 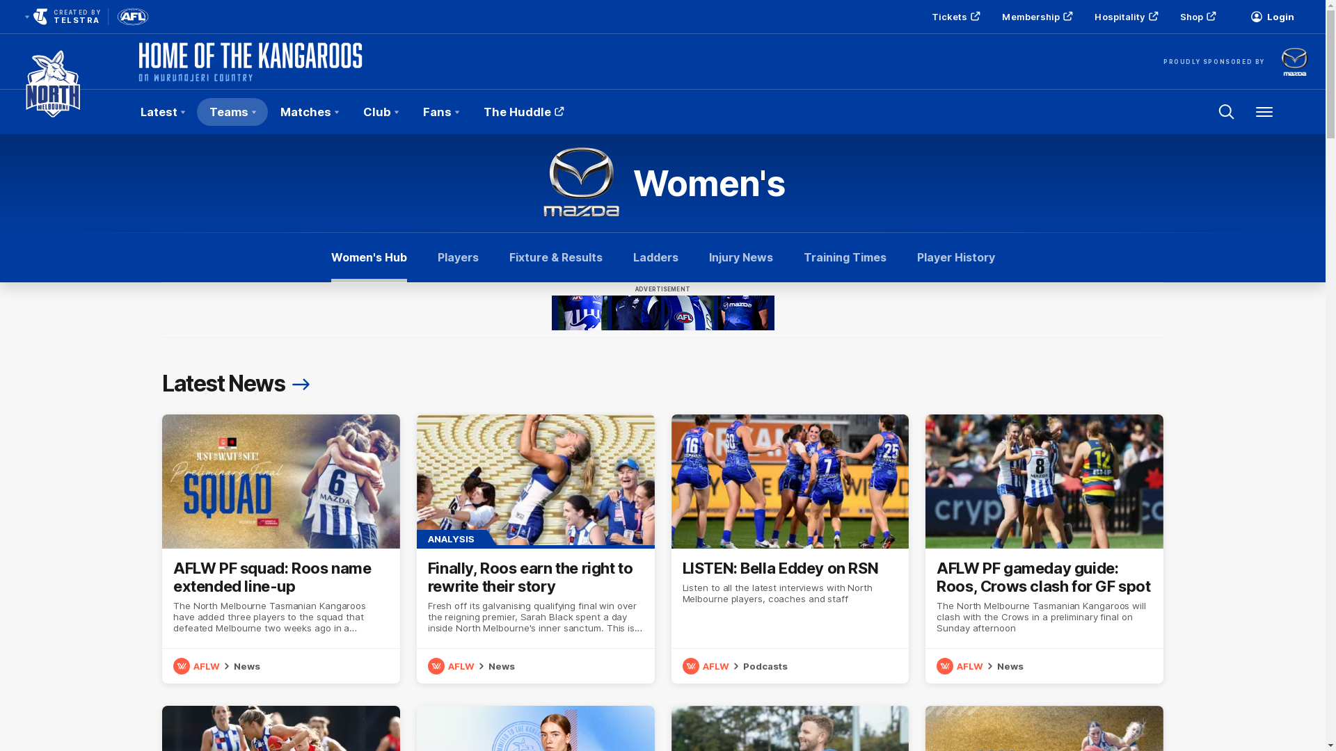 I want to click on 'Club Logo', so click(x=53, y=111).